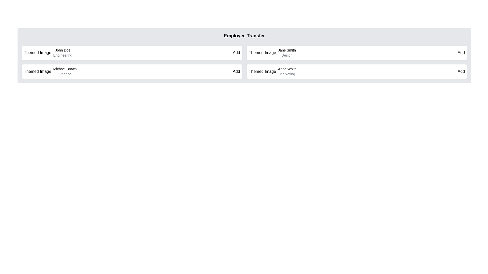 Image resolution: width=488 pixels, height=274 pixels. I want to click on the profile card located in the bottom-right of the grid, so click(356, 71).